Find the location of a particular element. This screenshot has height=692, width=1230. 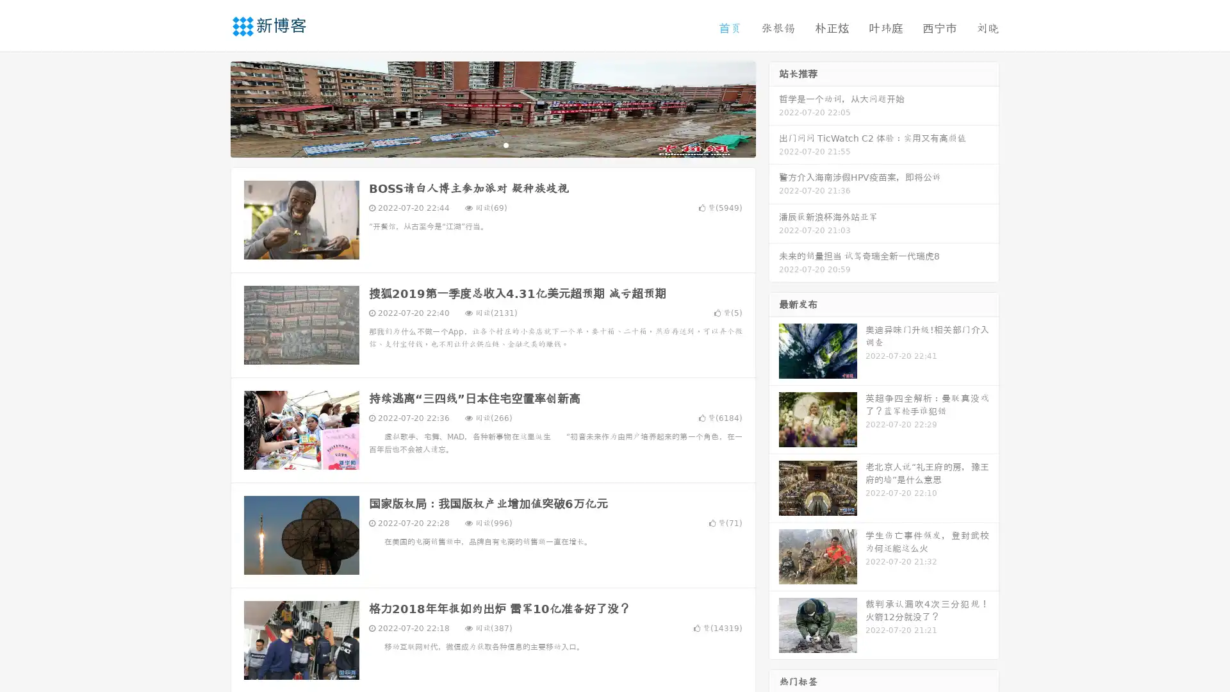

Next slide is located at coordinates (774, 108).